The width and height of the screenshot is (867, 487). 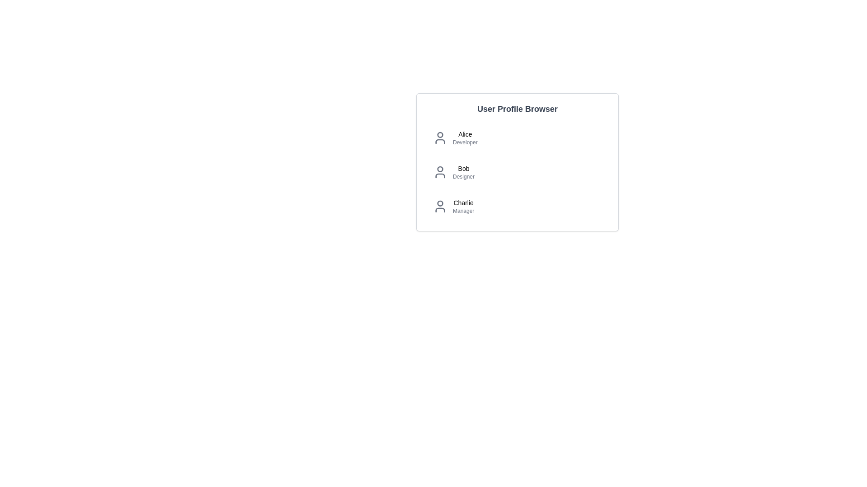 I want to click on the lower part of the avatar icon representing user 'Charlie', who has the role 'Manager', in the User Profile Browser, so click(x=440, y=210).